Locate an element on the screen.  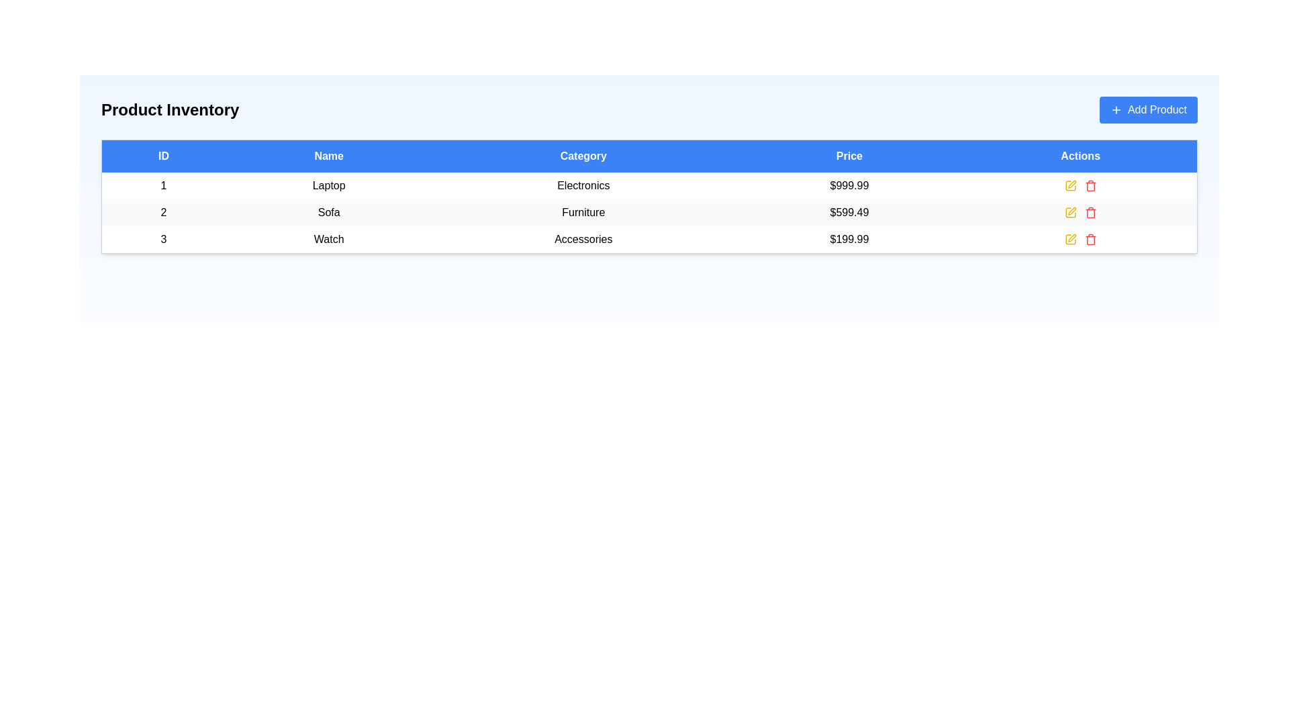
the Table Header Cell with a blue background labeled 'ID', which is the first header in the row of a table is located at coordinates (162, 155).